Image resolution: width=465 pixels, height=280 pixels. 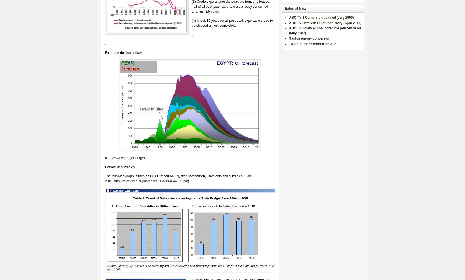 What do you see at coordinates (325, 23) in the screenshot?
I see `'ABC TV Catalyst: Oil crunch story (April 2011)'` at bounding box center [325, 23].